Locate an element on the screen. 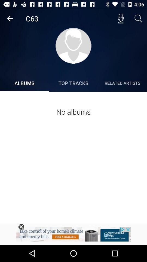  the advertisement banner is located at coordinates (21, 227).